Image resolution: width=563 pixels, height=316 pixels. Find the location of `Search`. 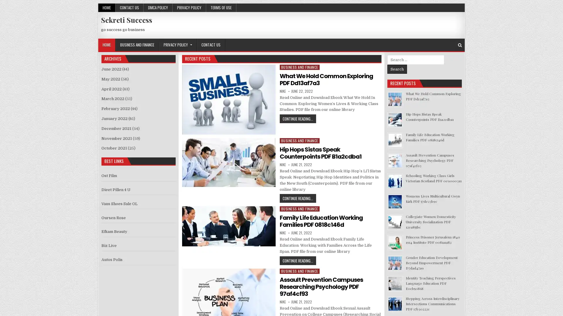

Search is located at coordinates (397, 69).